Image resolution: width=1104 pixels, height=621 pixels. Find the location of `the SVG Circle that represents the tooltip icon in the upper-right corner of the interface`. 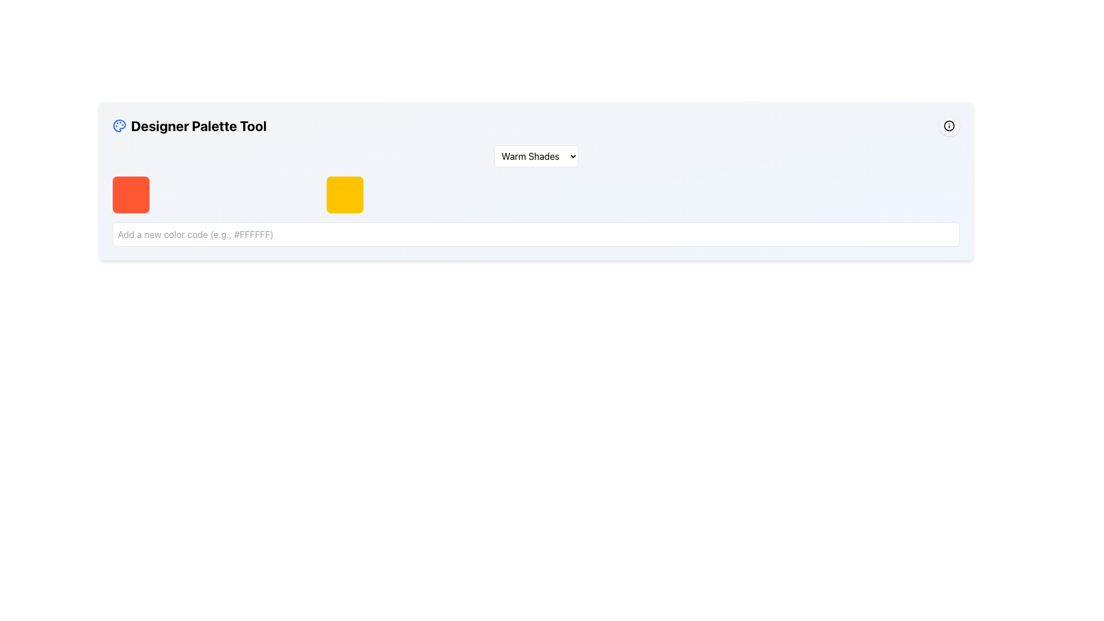

the SVG Circle that represents the tooltip icon in the upper-right corner of the interface is located at coordinates (949, 126).